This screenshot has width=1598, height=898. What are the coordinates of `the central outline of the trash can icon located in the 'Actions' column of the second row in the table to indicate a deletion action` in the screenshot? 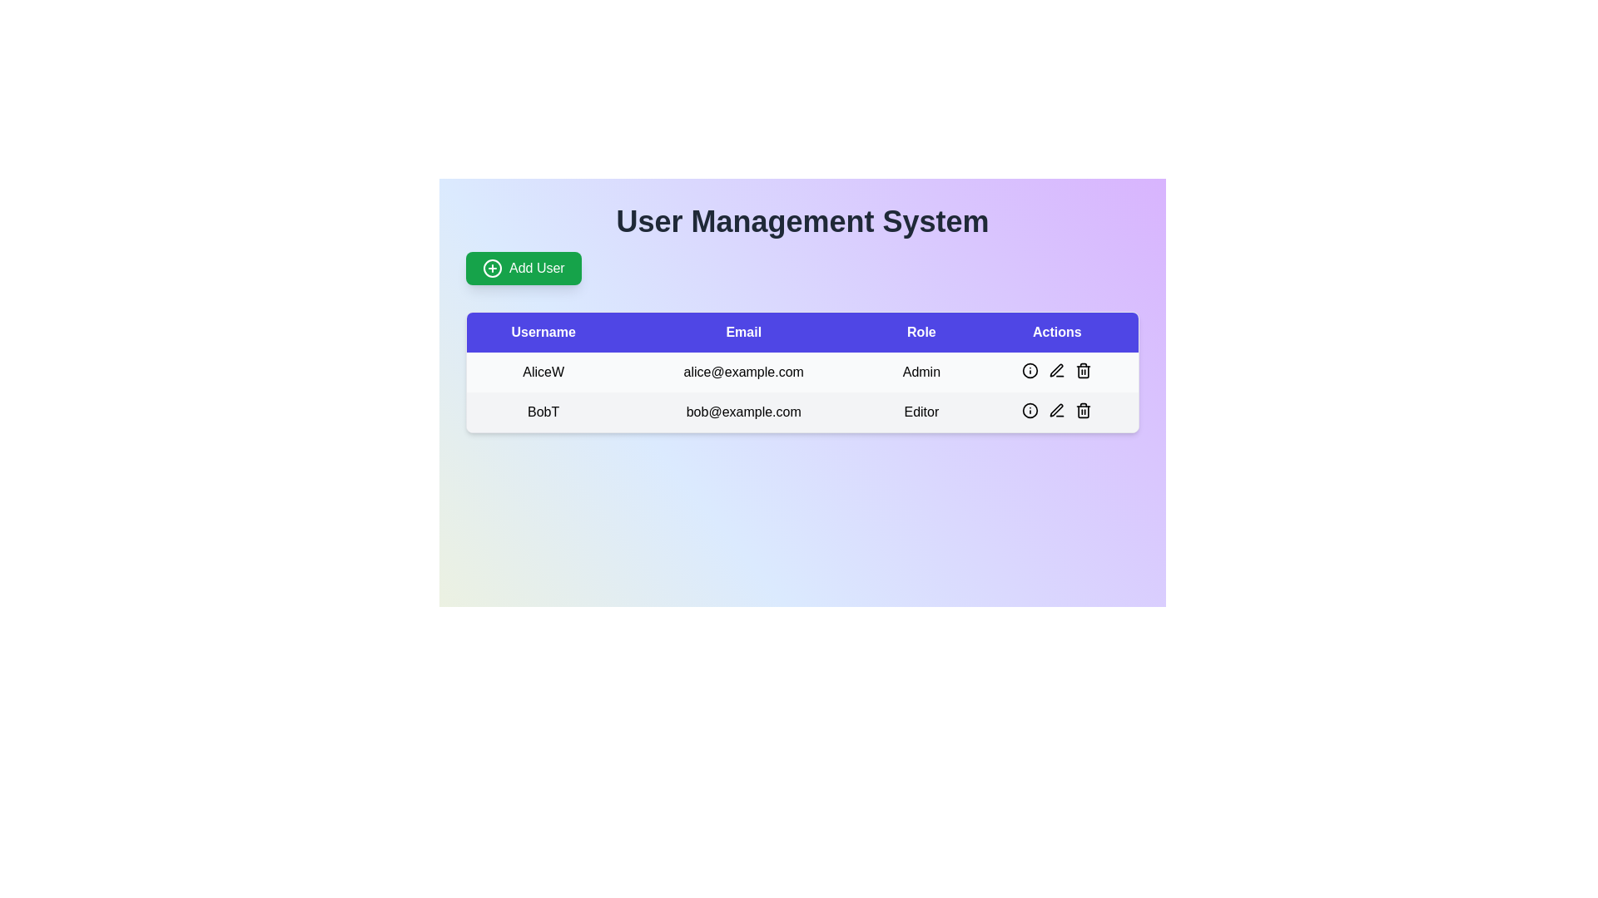 It's located at (1084, 412).